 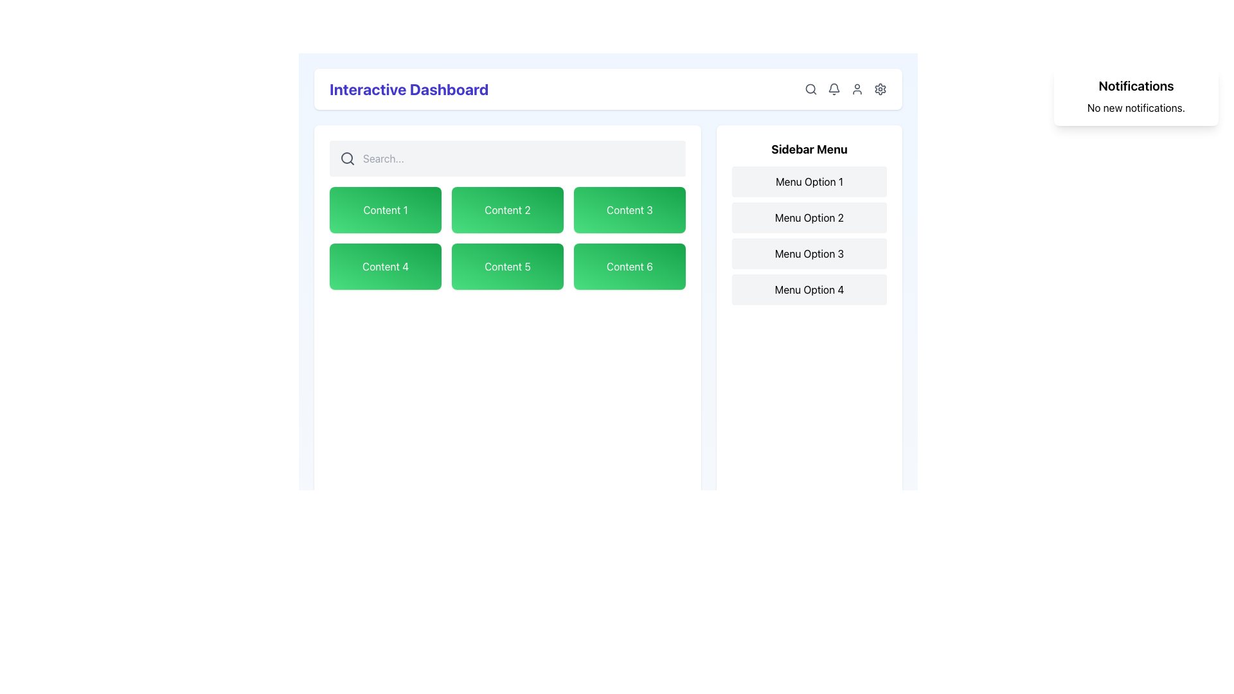 I want to click on the user profile silhouette icon in the top-right toolbar, so click(x=857, y=88).